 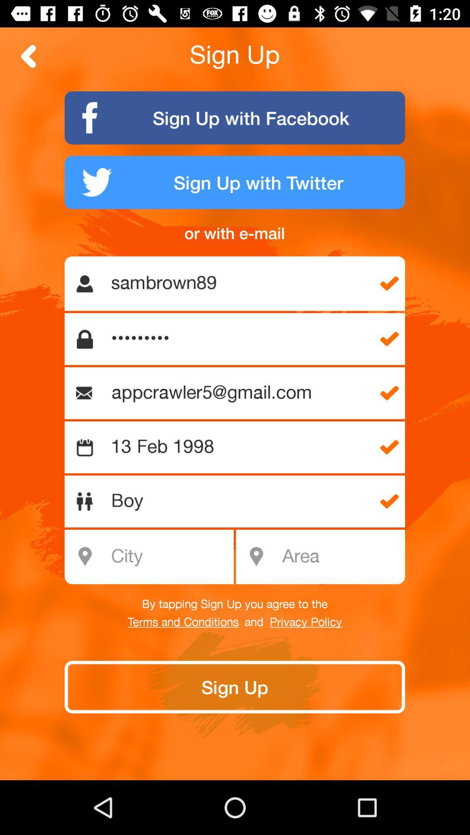 I want to click on item below the by tapping sign, so click(x=305, y=622).